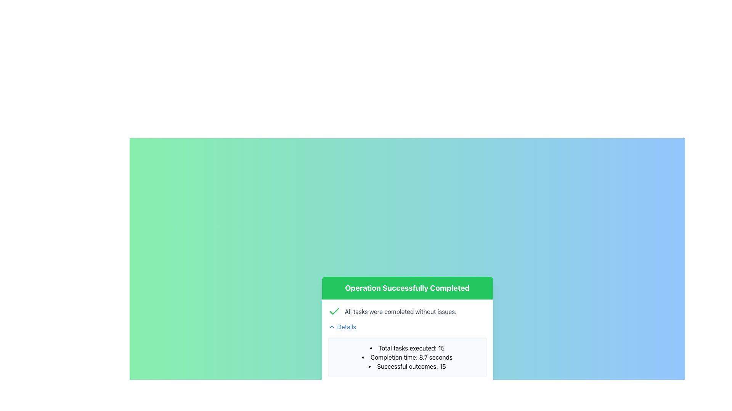 Image resolution: width=732 pixels, height=411 pixels. I want to click on static text label that displays 'Operation Successfully Completed', which is a bold heading in white on a bright green background, centered in the upper-middle region of the content area, so click(407, 288).